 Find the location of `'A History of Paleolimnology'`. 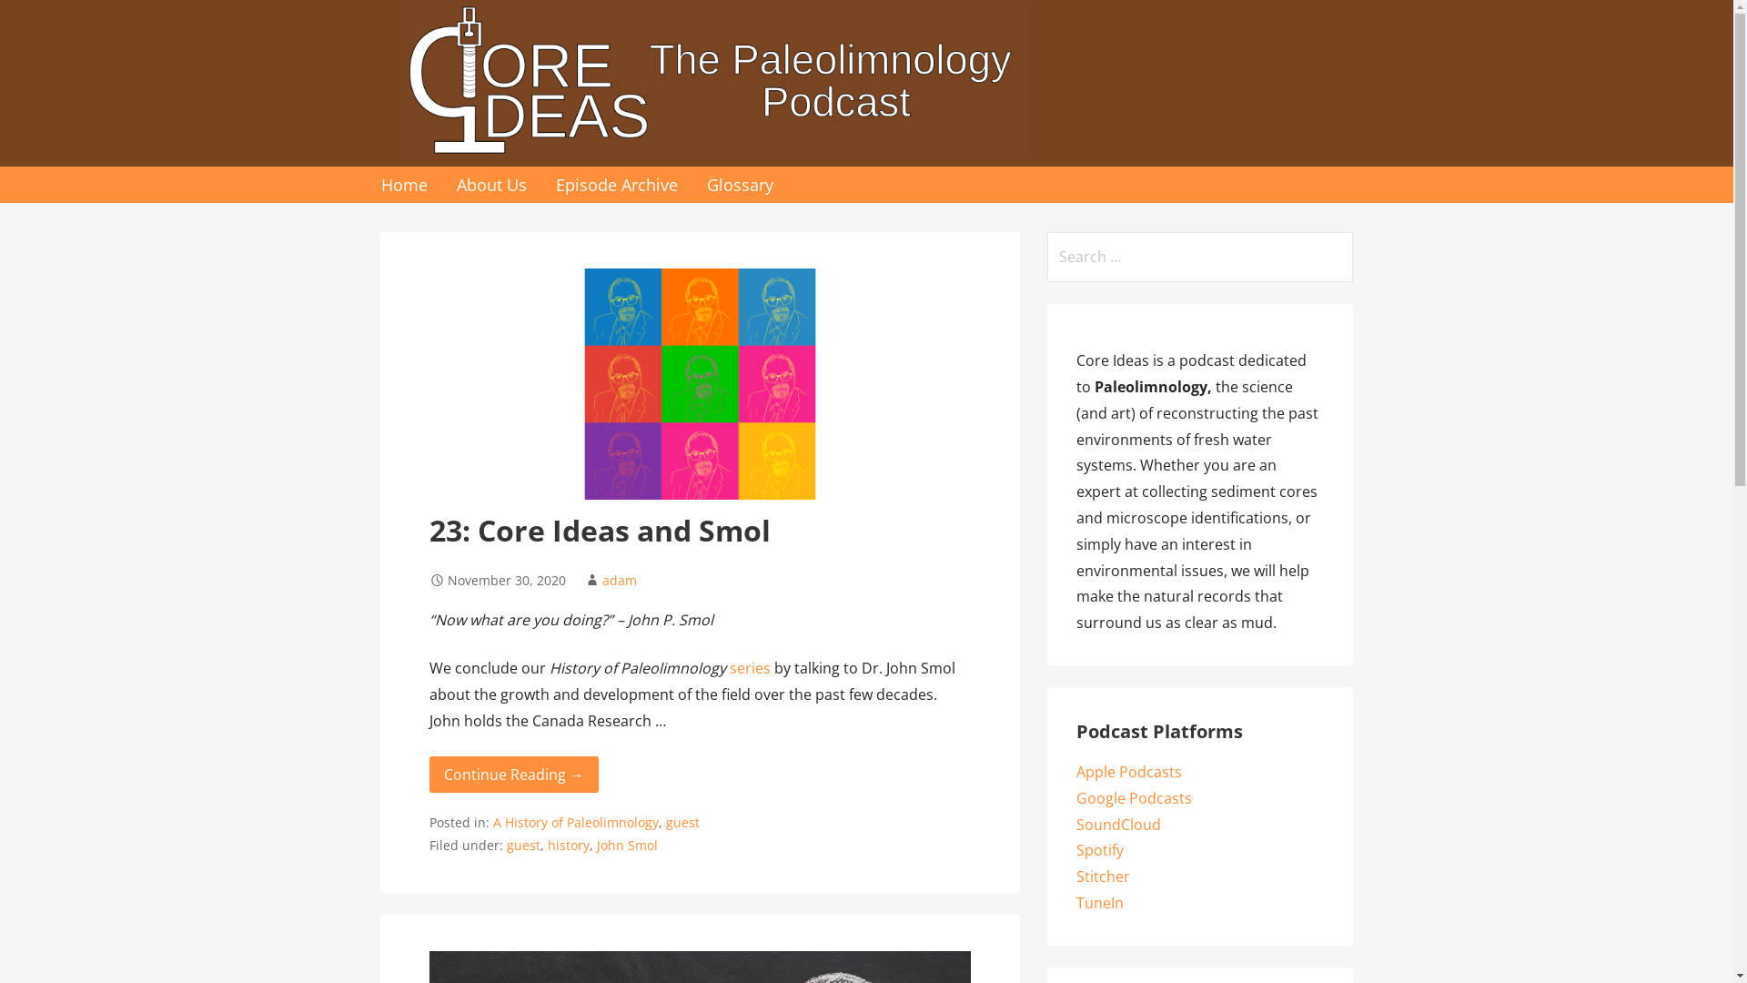

'A History of Paleolimnology' is located at coordinates (575, 822).